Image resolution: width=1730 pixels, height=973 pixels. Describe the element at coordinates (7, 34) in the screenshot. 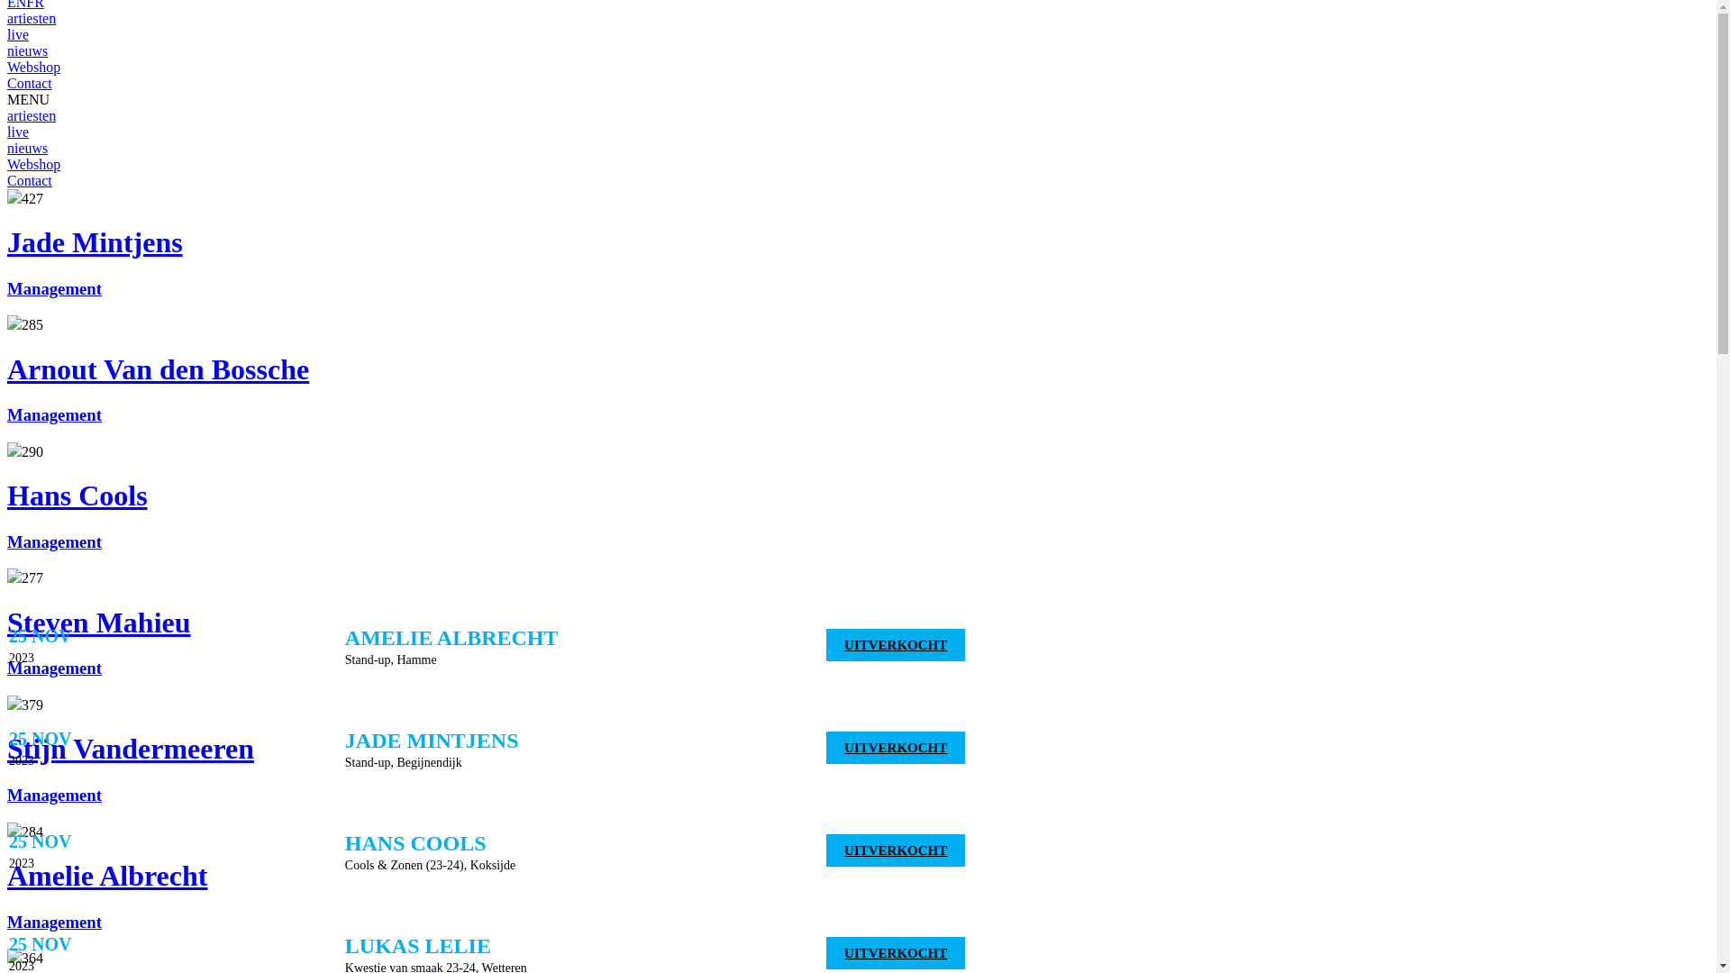

I see `'live'` at that location.